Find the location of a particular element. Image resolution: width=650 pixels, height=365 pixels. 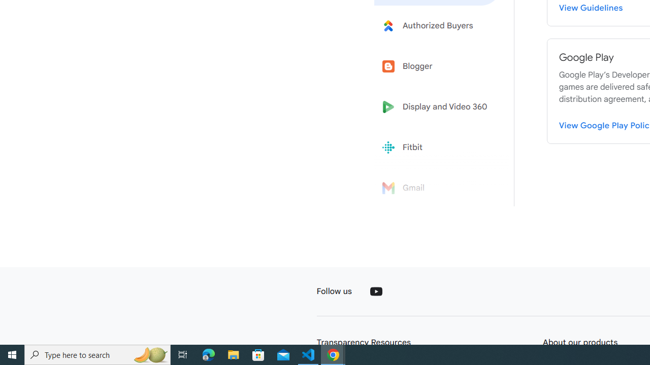

'Learn more about Authorized Buyers' is located at coordinates (438, 25).